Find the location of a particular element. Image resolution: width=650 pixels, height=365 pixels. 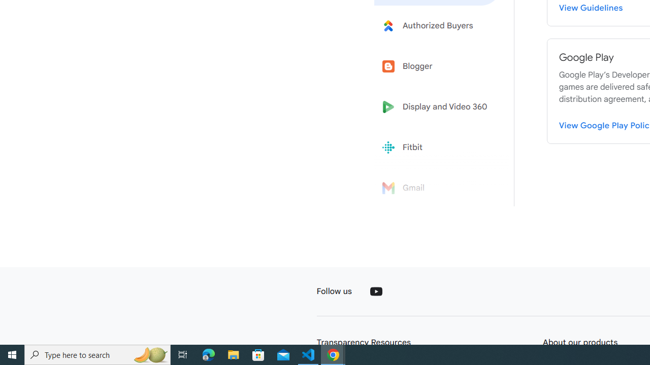

'Learn more about Authorized Buyers' is located at coordinates (438, 25).